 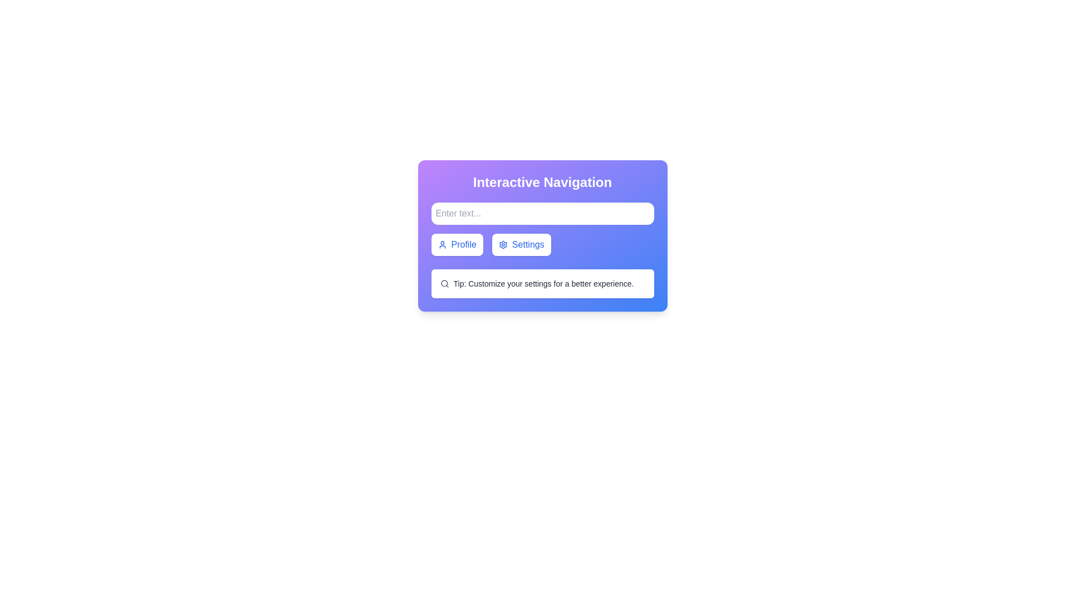 I want to click on the 'Profile' button in the navigation panel, so click(x=457, y=244).